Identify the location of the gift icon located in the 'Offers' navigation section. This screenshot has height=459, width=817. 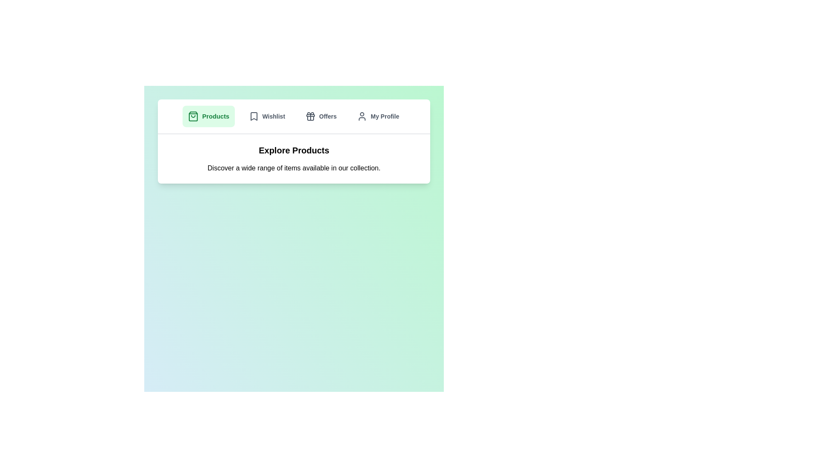
(310, 116).